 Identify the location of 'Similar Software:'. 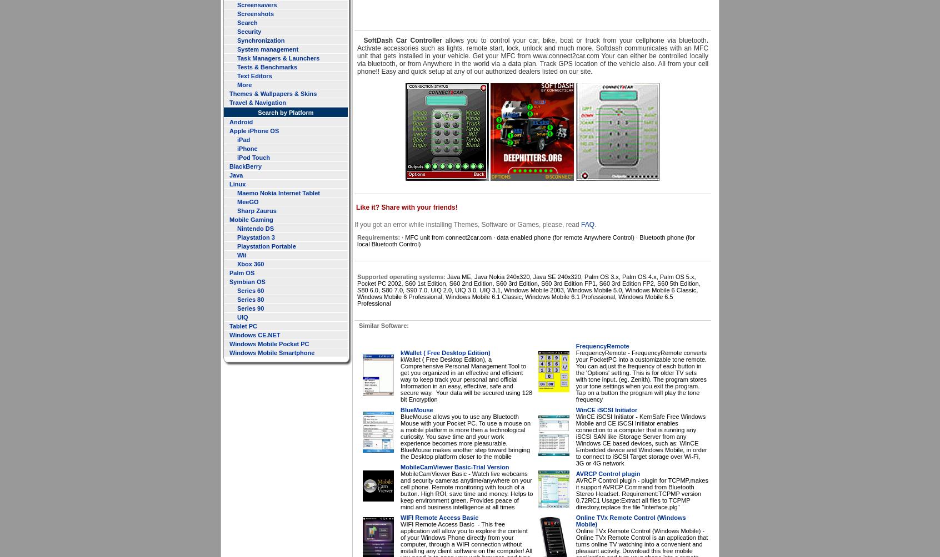
(383, 326).